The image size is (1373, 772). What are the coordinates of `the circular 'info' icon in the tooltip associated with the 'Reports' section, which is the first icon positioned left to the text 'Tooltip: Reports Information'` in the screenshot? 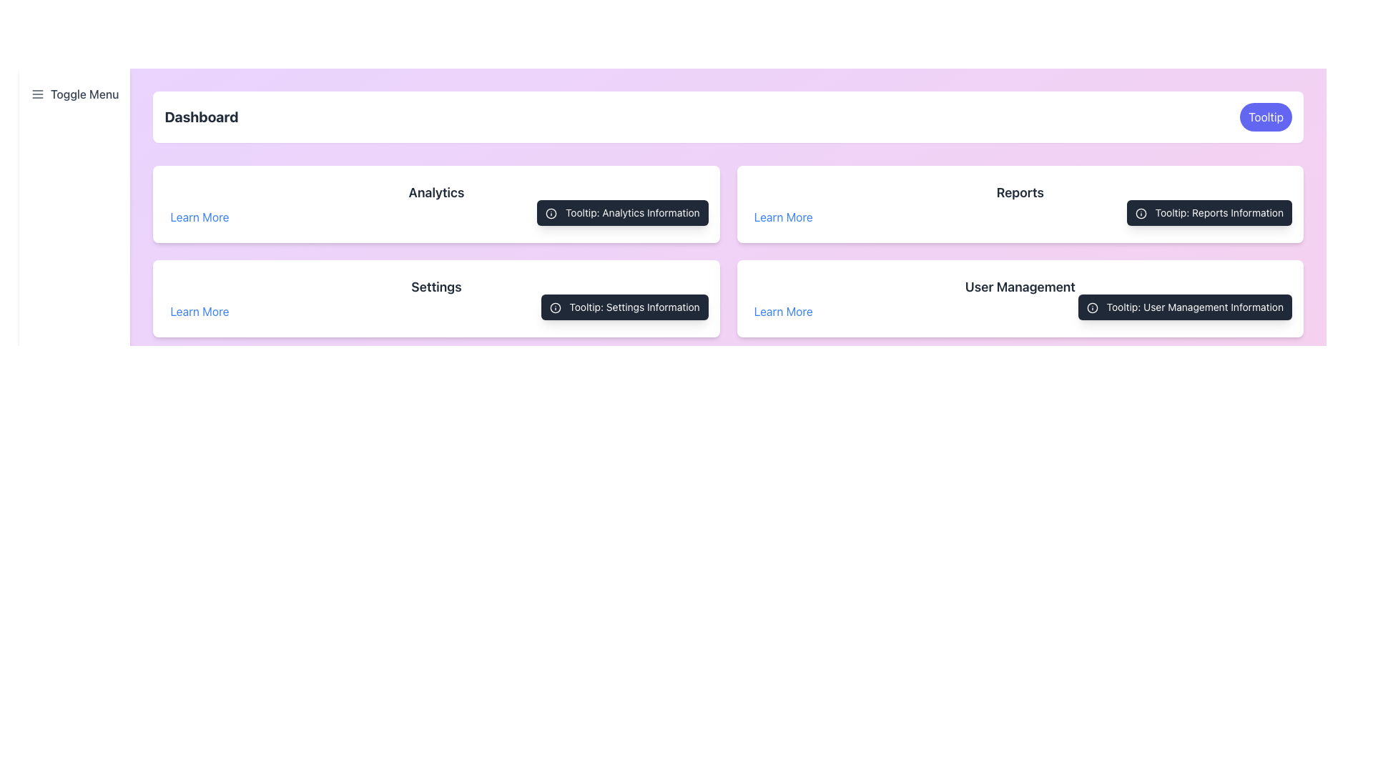 It's located at (1140, 214).